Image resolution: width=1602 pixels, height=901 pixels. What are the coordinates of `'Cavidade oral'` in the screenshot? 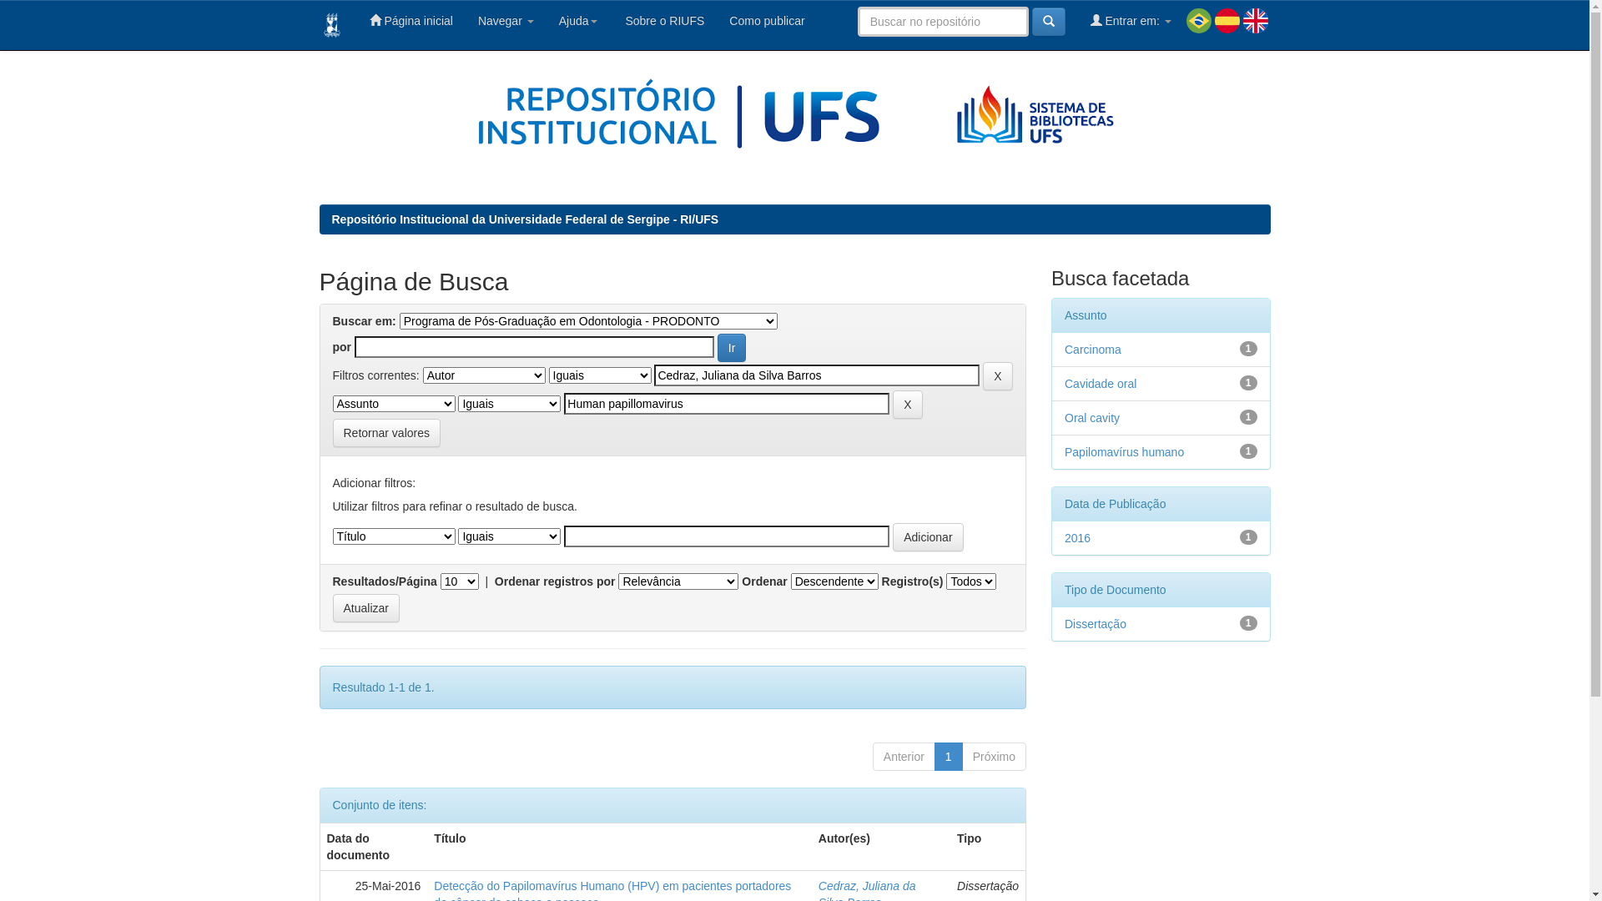 It's located at (1101, 383).